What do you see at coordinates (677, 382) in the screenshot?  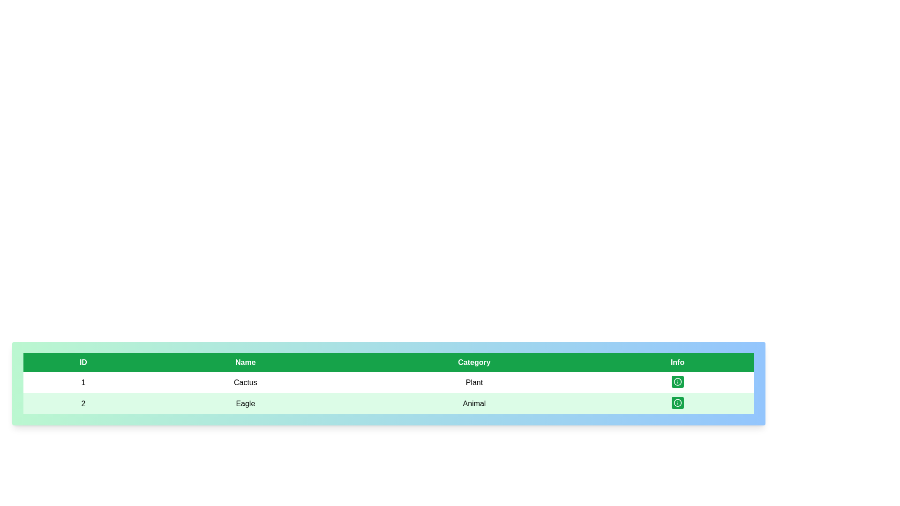 I see `the Icon button in the 'Info' column of the first row, which displays more information about the 'Cactus' in the 'Plant' category` at bounding box center [677, 382].